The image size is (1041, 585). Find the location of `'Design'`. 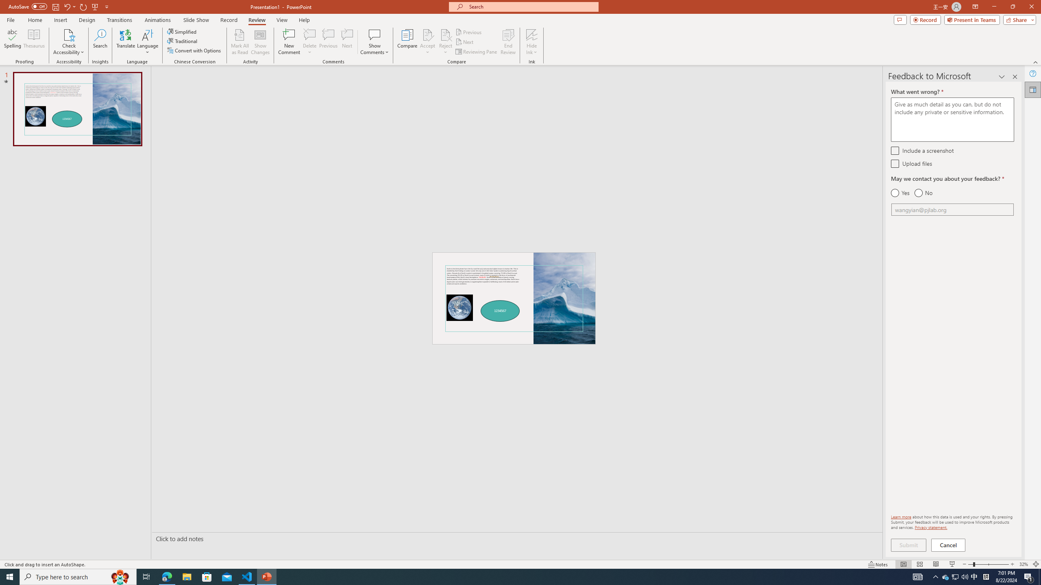

'Design' is located at coordinates (87, 20).